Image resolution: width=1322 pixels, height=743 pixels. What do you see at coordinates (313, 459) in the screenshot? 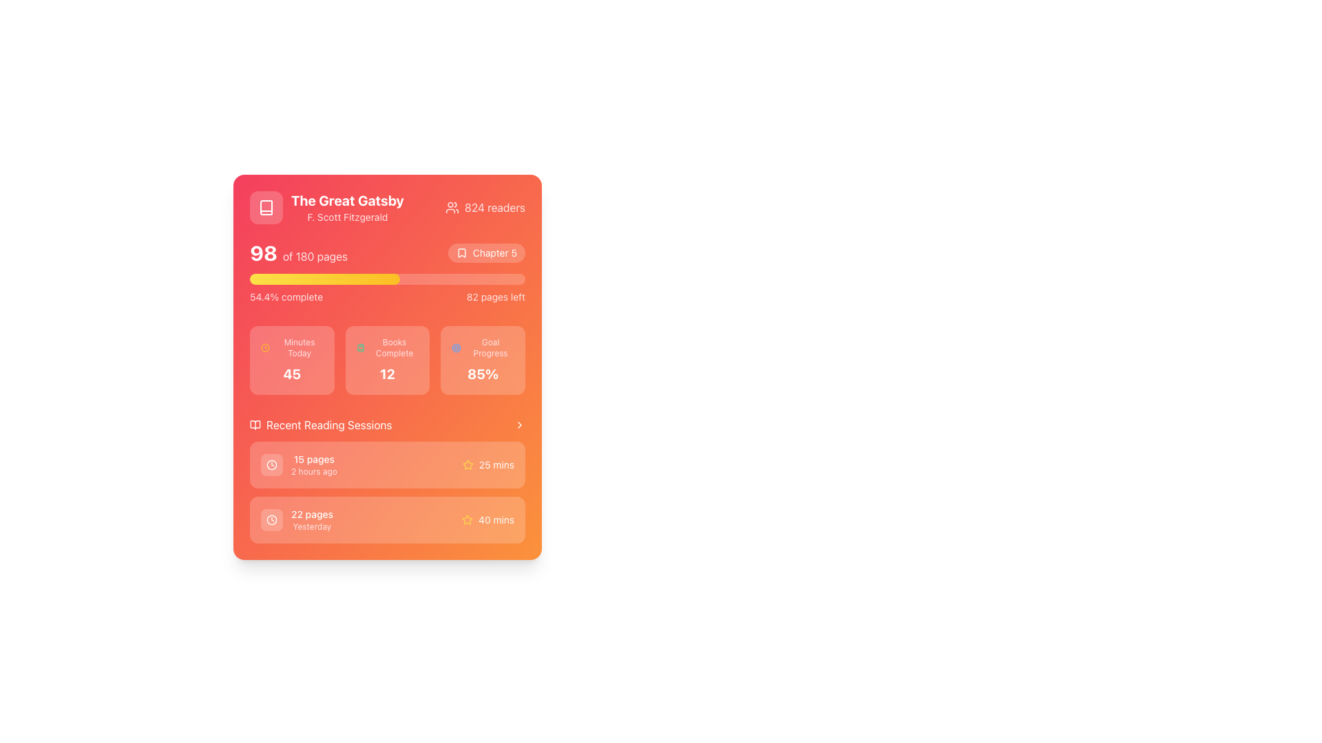
I see `the text label displaying '15 pages' located in the 'Recent Reading Sessions' section` at bounding box center [313, 459].